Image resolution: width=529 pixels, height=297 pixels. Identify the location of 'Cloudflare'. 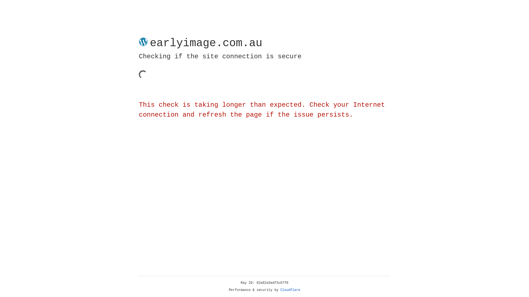
(290, 290).